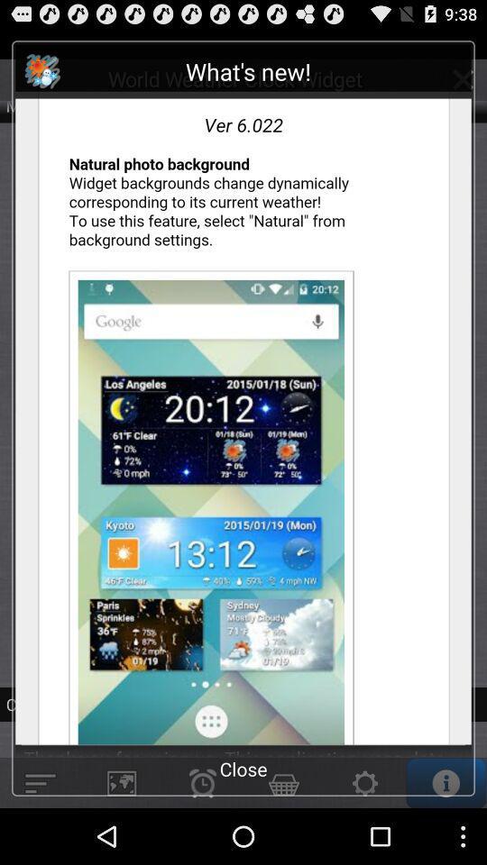 Image resolution: width=487 pixels, height=865 pixels. I want to click on check new features, so click(243, 400).